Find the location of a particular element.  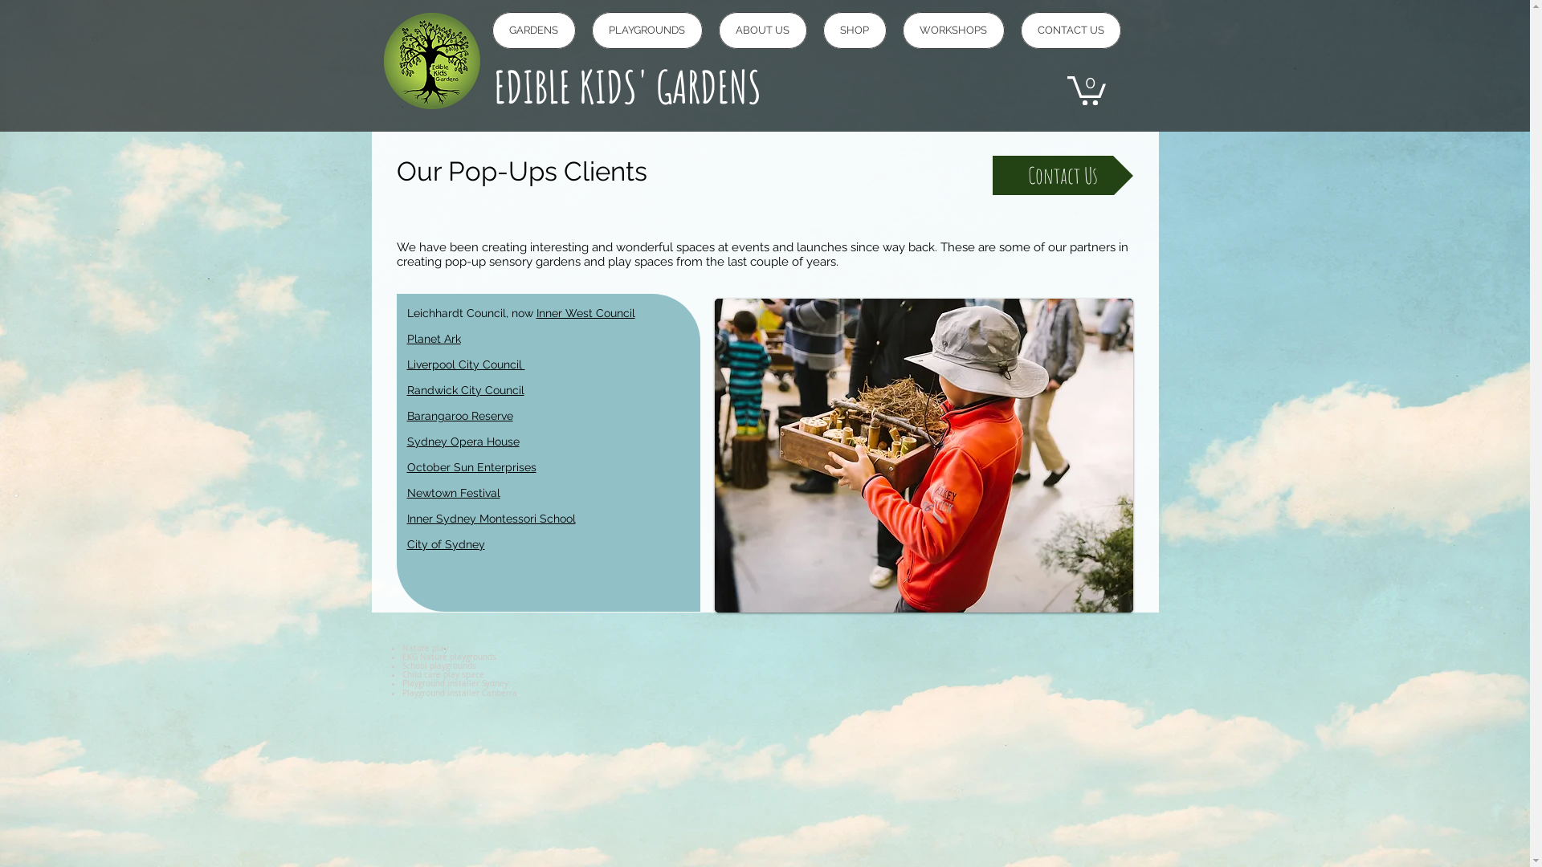

'Sydney Opera House' is located at coordinates (462, 442).